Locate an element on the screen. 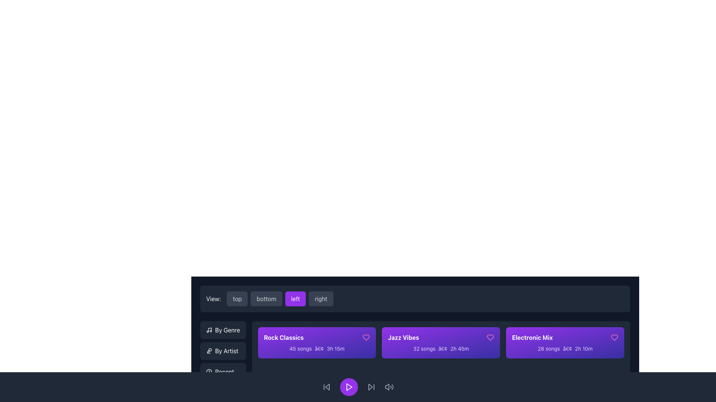 This screenshot has width=716, height=402. on the heart-shaped icon button in pink color, indicating a favorite or like function, located within the 'Rock Classics' card is located at coordinates (366, 337).